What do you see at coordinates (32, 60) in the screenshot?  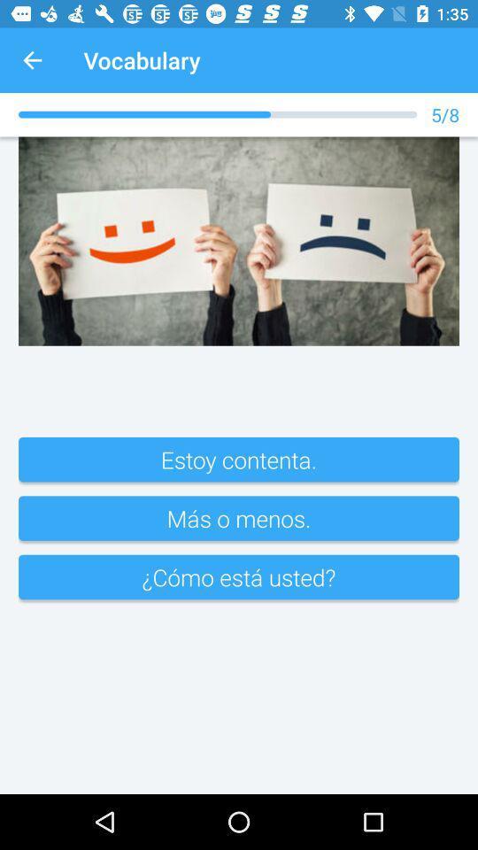 I see `the app to the left of the vocabulary item` at bounding box center [32, 60].